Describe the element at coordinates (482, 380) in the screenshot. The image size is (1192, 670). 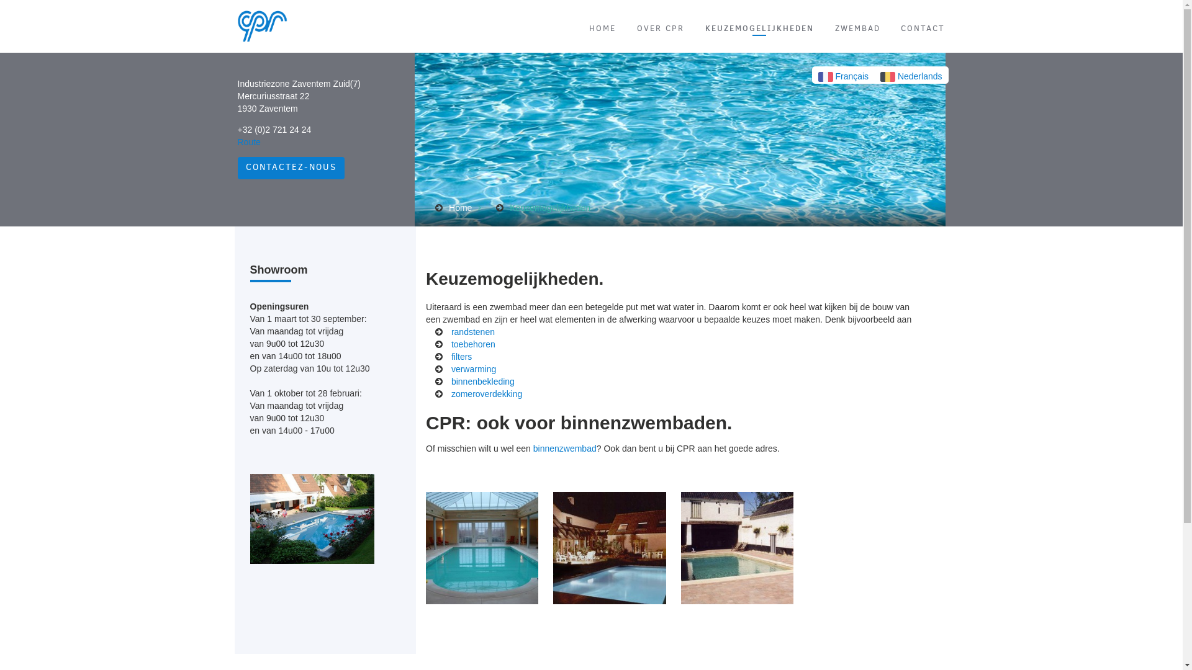
I see `'binnenbekleding'` at that location.